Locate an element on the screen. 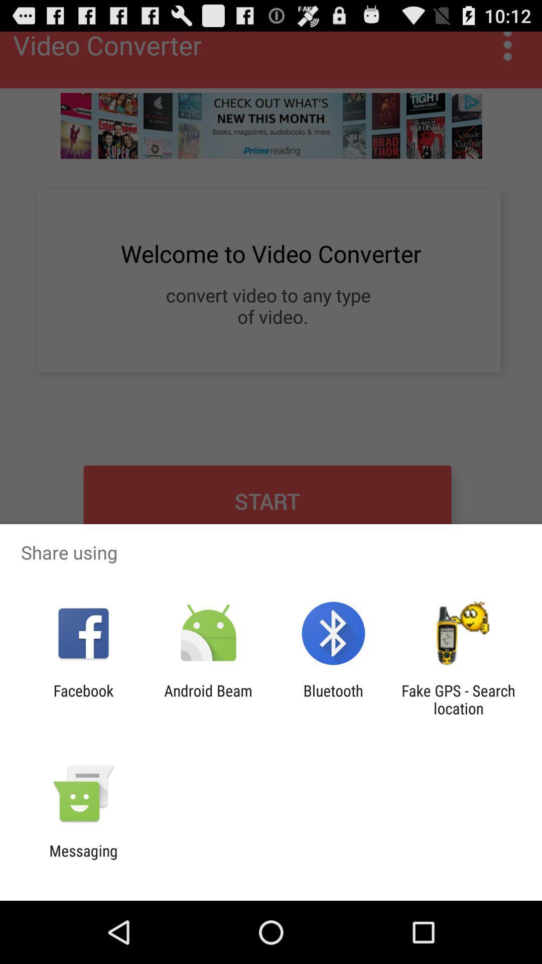 The image size is (542, 964). facebook app is located at coordinates (83, 699).